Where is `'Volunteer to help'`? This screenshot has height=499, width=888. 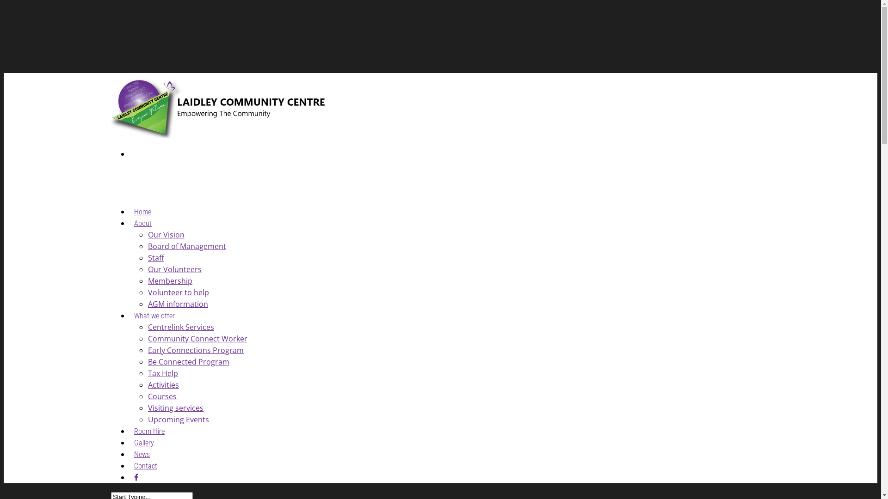
'Volunteer to help' is located at coordinates (148, 292).